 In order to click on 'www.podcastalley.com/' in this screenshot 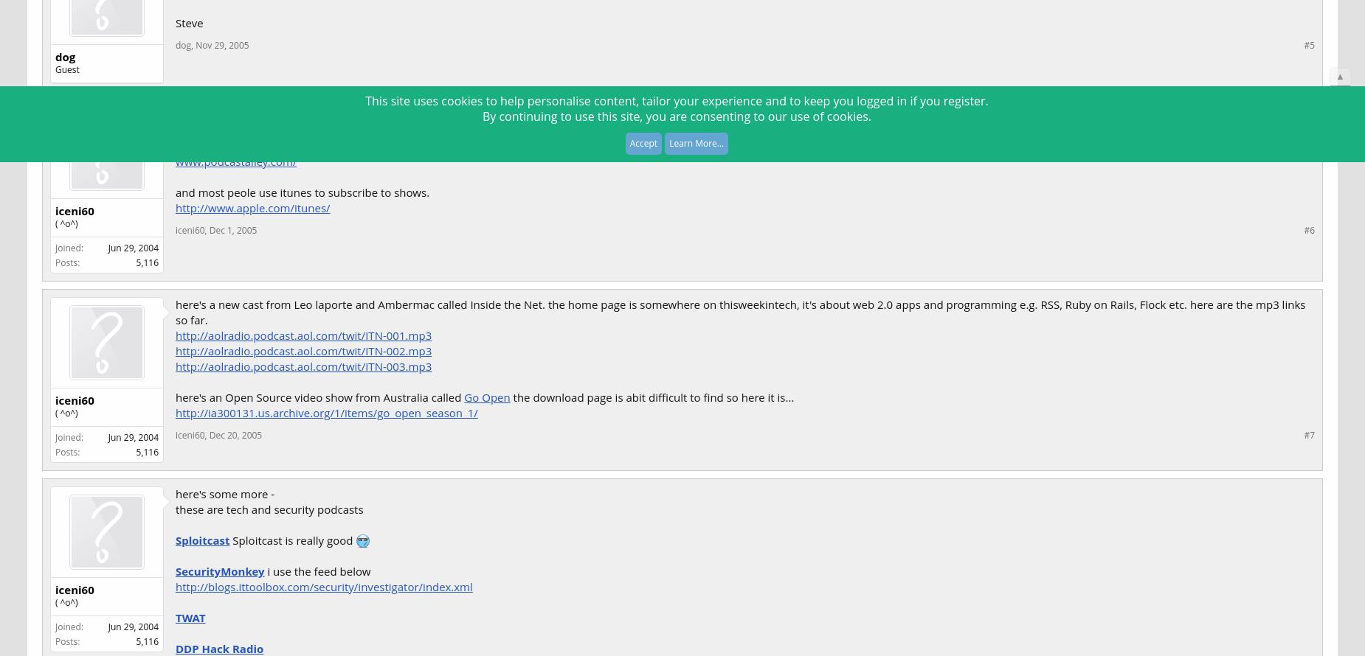, I will do `click(235, 160)`.